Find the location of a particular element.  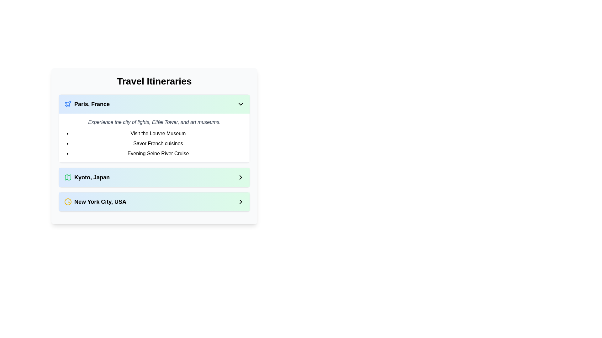

bulleted list items 'Visit the Louvre Museum', 'Savor French cuisines', and 'Evening Seine River Cruise' located in the 'Paris, France' itinerary section, positioned beneath the descriptive text and above the 'Kyoto, Japan' section is located at coordinates (154, 144).